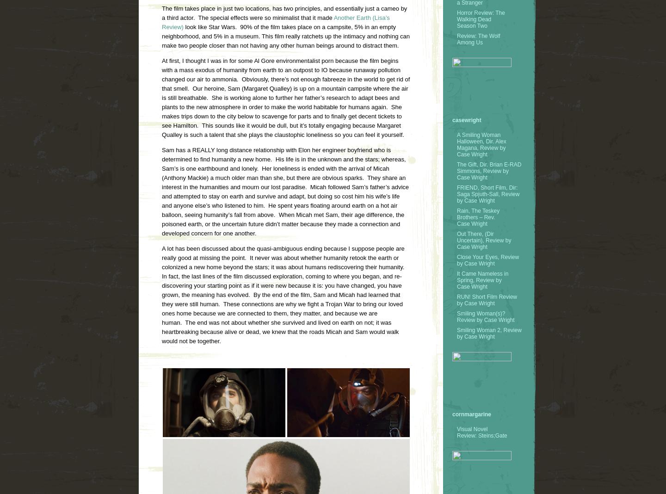 The image size is (666, 494). I want to click on 'Sam has a REALLY long distance relationship with Elon her engineer boyfriend who is determined to find humanity a new home.  His life is in the unknown and the stars; whereas, Sam’s is one earthbound and lonely.  Her loneliness is ended with the arrival of Micah (Anthony Mackie) a much older man than she, but there are obvious sparks.  They share an interest in the humanities and mourn our lost paradise.  Micah followed Sam’s father’s advice and attempted to stay on earth and survive and adapt, but doing so cost him his wife’s life and anyone else’s who listened to him.  He spent years floating around earth on a hot air balloon, seeing humanity’s fall from above.  When Micah met Sam, their age difference, the poisoned earth, or the uncertain future didn’t matter because they made a connection and developed concern for one another.', so click(285, 191).